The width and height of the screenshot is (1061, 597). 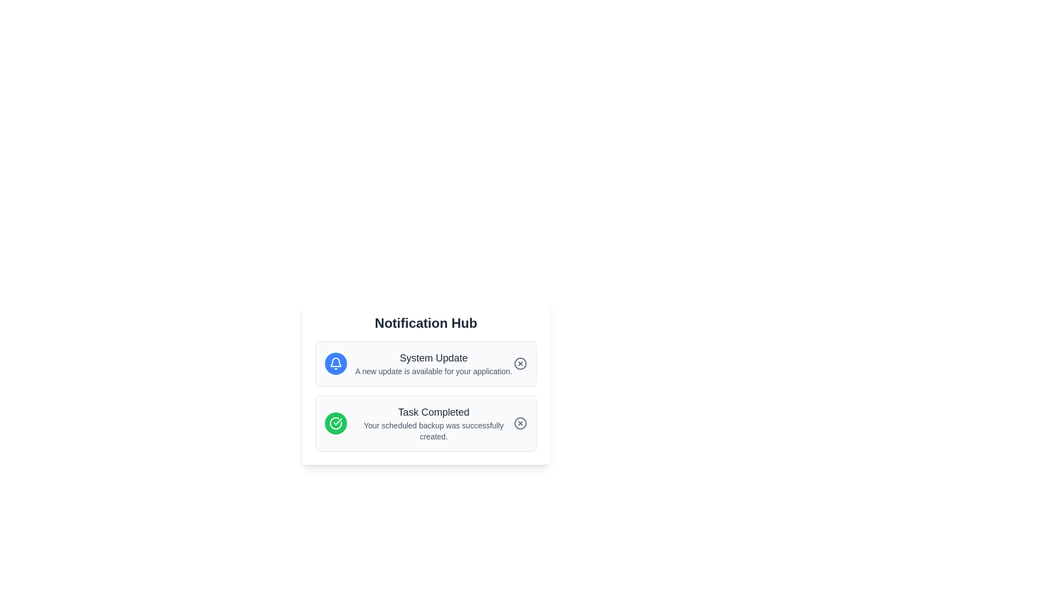 I want to click on the indicator icon located at the top left corner of the notification card titled 'Task Completed', which reassures the user of successful task completion, so click(x=335, y=423).